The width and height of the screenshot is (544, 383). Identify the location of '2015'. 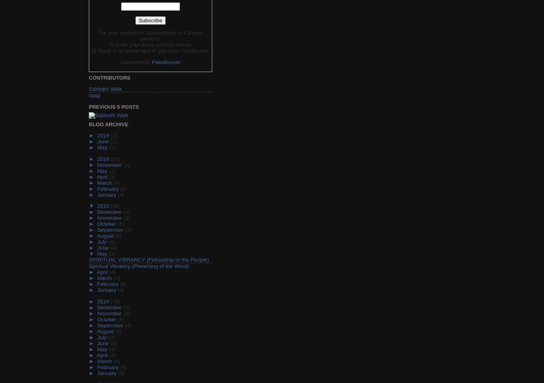
(103, 205).